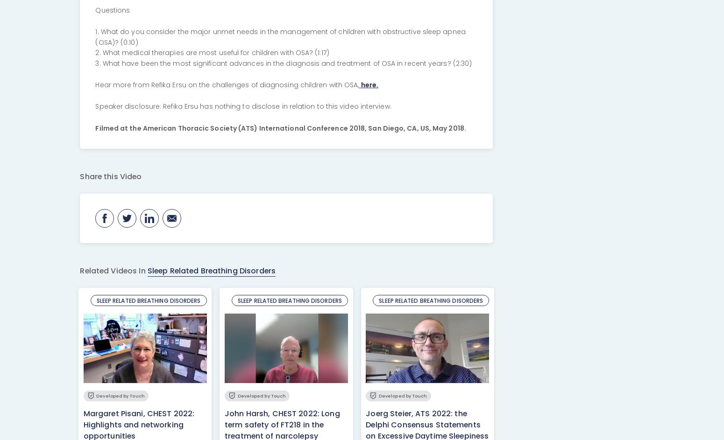 The height and width of the screenshot is (440, 724). Describe the element at coordinates (280, 127) in the screenshot. I see `'Filmed at the American Thoracic Society (ATS) International Conference 2018, San Diego, CA, US, May 2018.'` at that location.